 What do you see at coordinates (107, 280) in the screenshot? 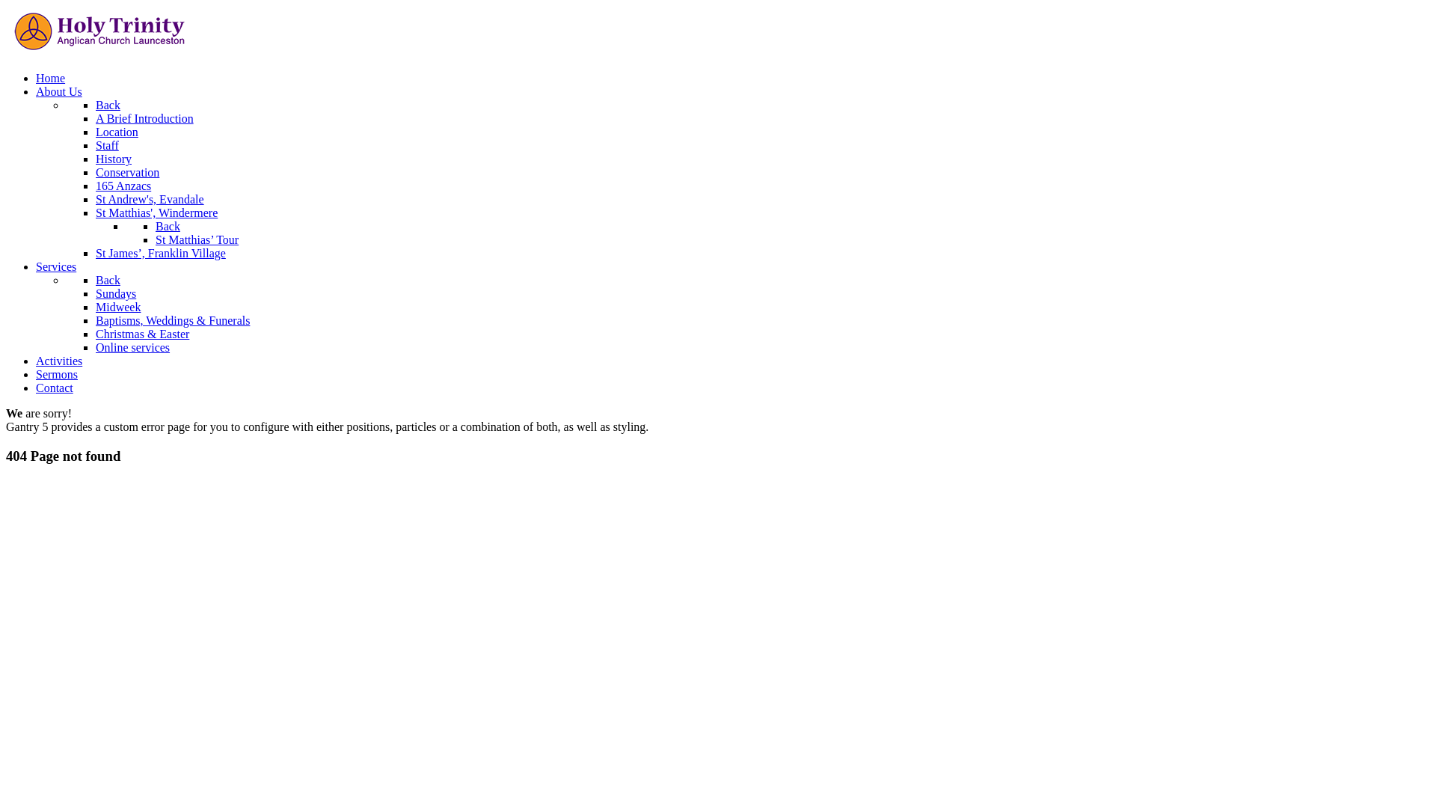
I see `'Back'` at bounding box center [107, 280].